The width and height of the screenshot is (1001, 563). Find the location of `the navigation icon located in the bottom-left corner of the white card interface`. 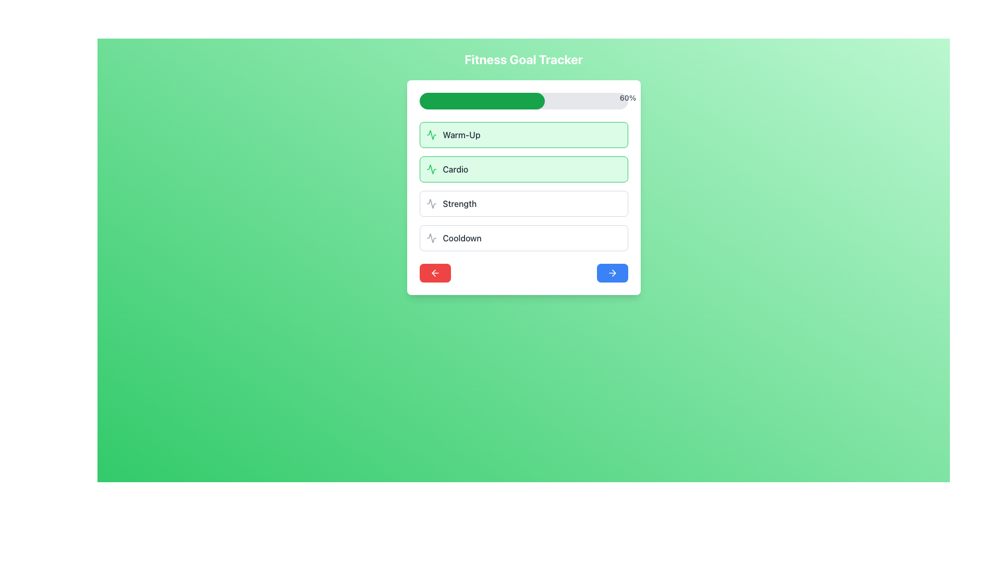

the navigation icon located in the bottom-left corner of the white card interface is located at coordinates (435, 273).